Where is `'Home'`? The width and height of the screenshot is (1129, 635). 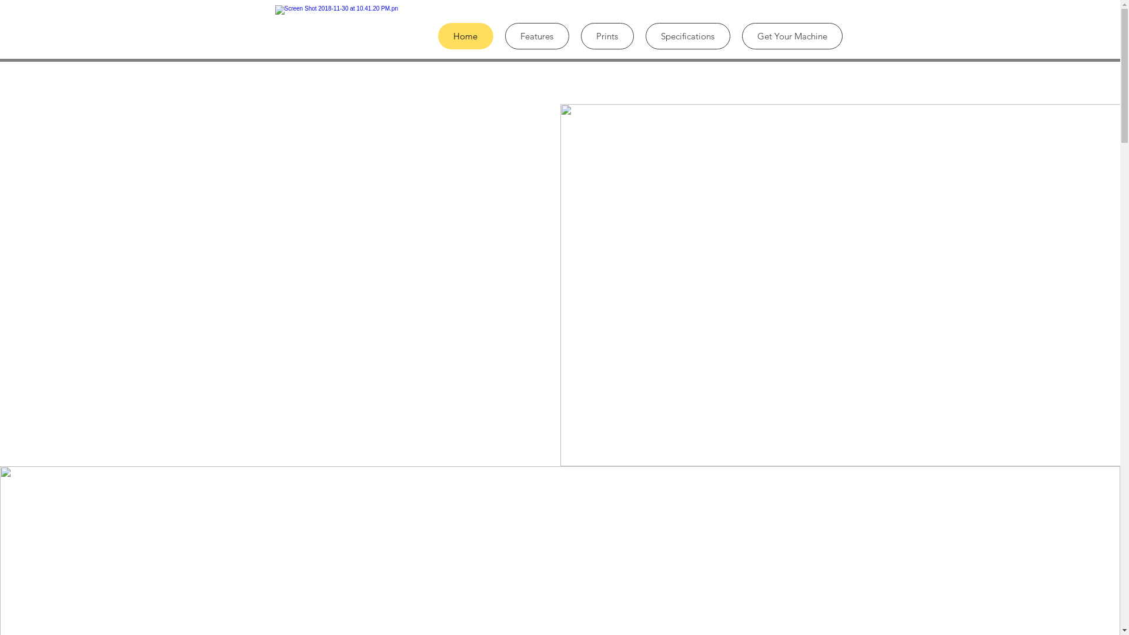
'Home' is located at coordinates (465, 35).